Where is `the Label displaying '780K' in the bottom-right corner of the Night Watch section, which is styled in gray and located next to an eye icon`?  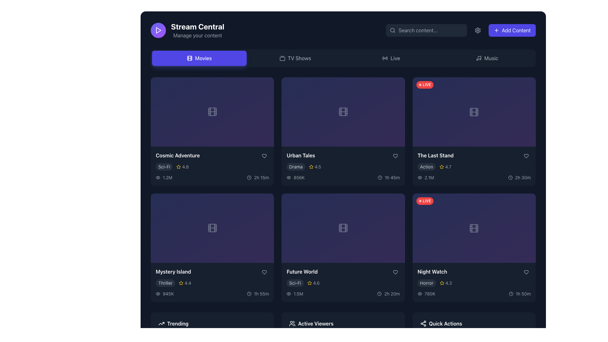
the Label displaying '780K' in the bottom-right corner of the Night Watch section, which is styled in gray and located next to an eye icon is located at coordinates (426, 294).